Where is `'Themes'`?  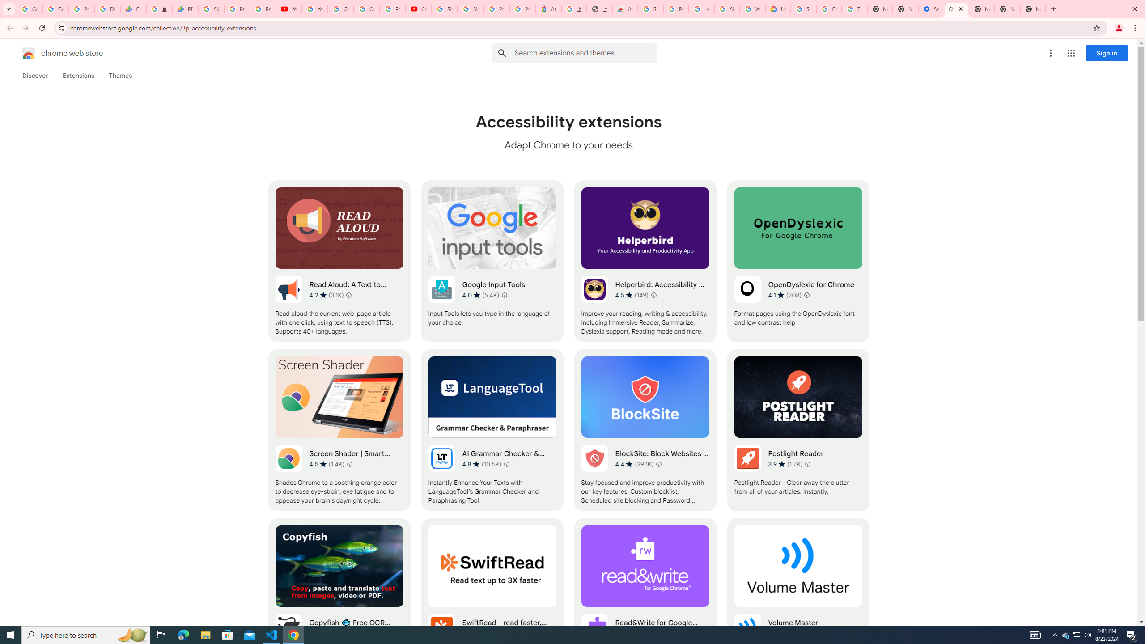 'Themes' is located at coordinates (120, 75).